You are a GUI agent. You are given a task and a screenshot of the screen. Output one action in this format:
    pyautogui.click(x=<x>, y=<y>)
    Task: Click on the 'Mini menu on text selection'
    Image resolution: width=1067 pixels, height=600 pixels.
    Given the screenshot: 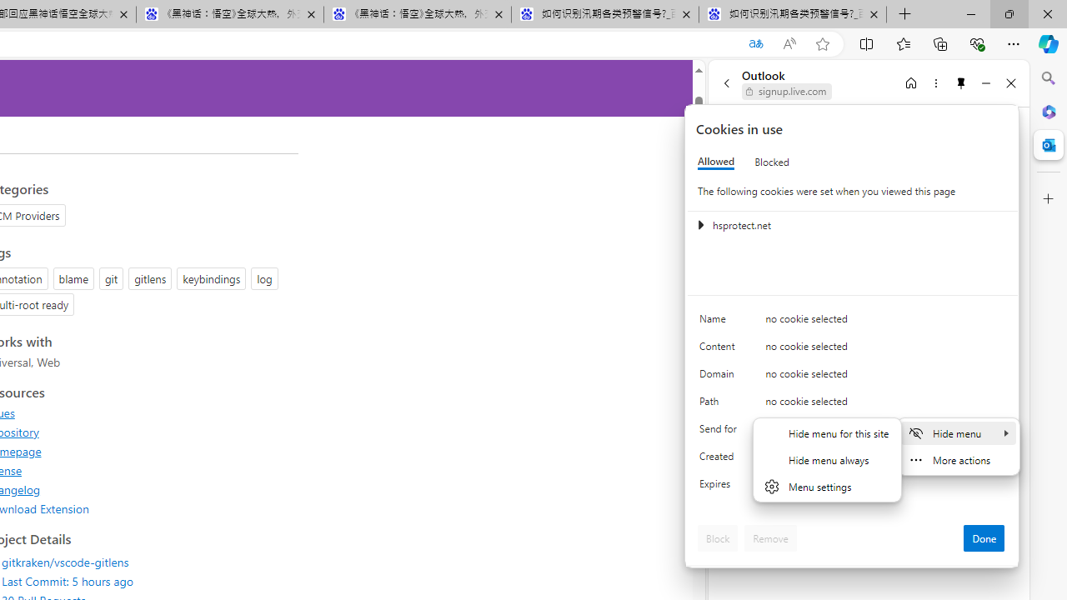 What is the action you would take?
    pyautogui.click(x=958, y=446)
    